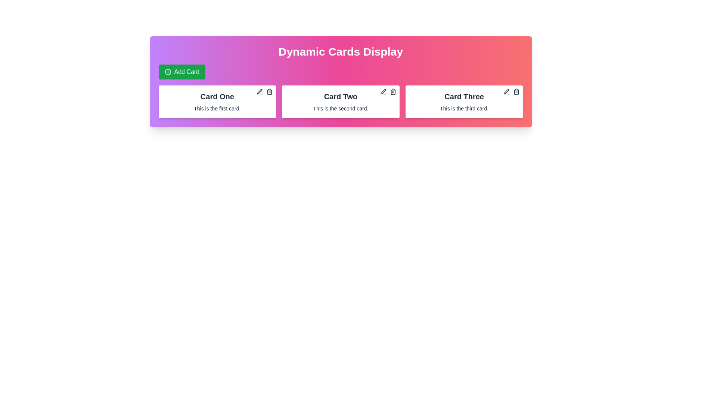  Describe the element at coordinates (217, 102) in the screenshot. I see `the surrounding area of the first informational Card component, which displays a title and short description, located within a grid to the left of 'Card Two' and 'Card Three'` at that location.